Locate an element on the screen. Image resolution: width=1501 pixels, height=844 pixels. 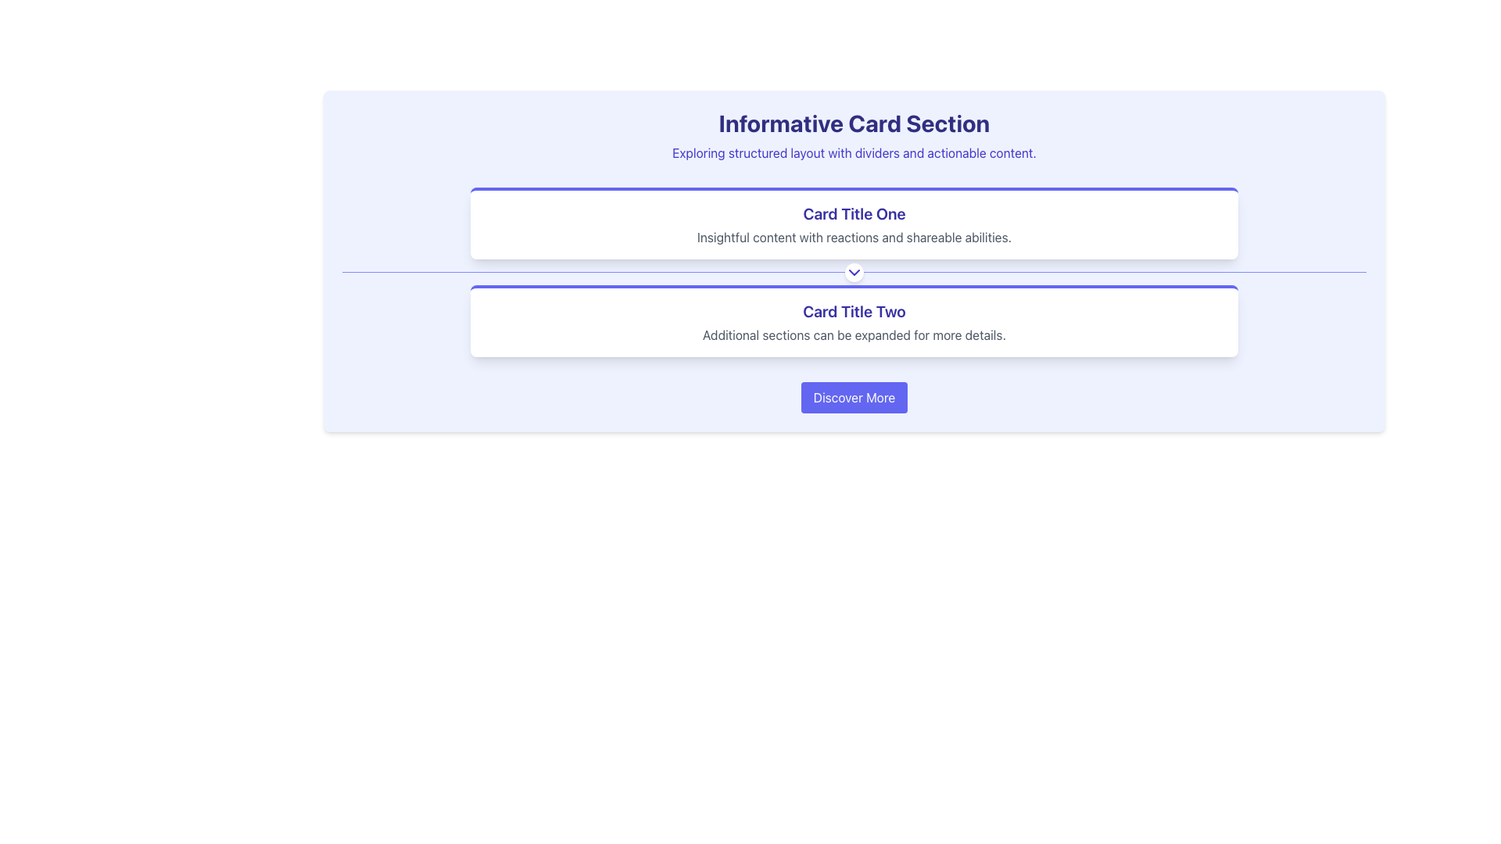
the 'Discover More' button located at the bottom of the 'Informative Card Section' is located at coordinates (854, 397).